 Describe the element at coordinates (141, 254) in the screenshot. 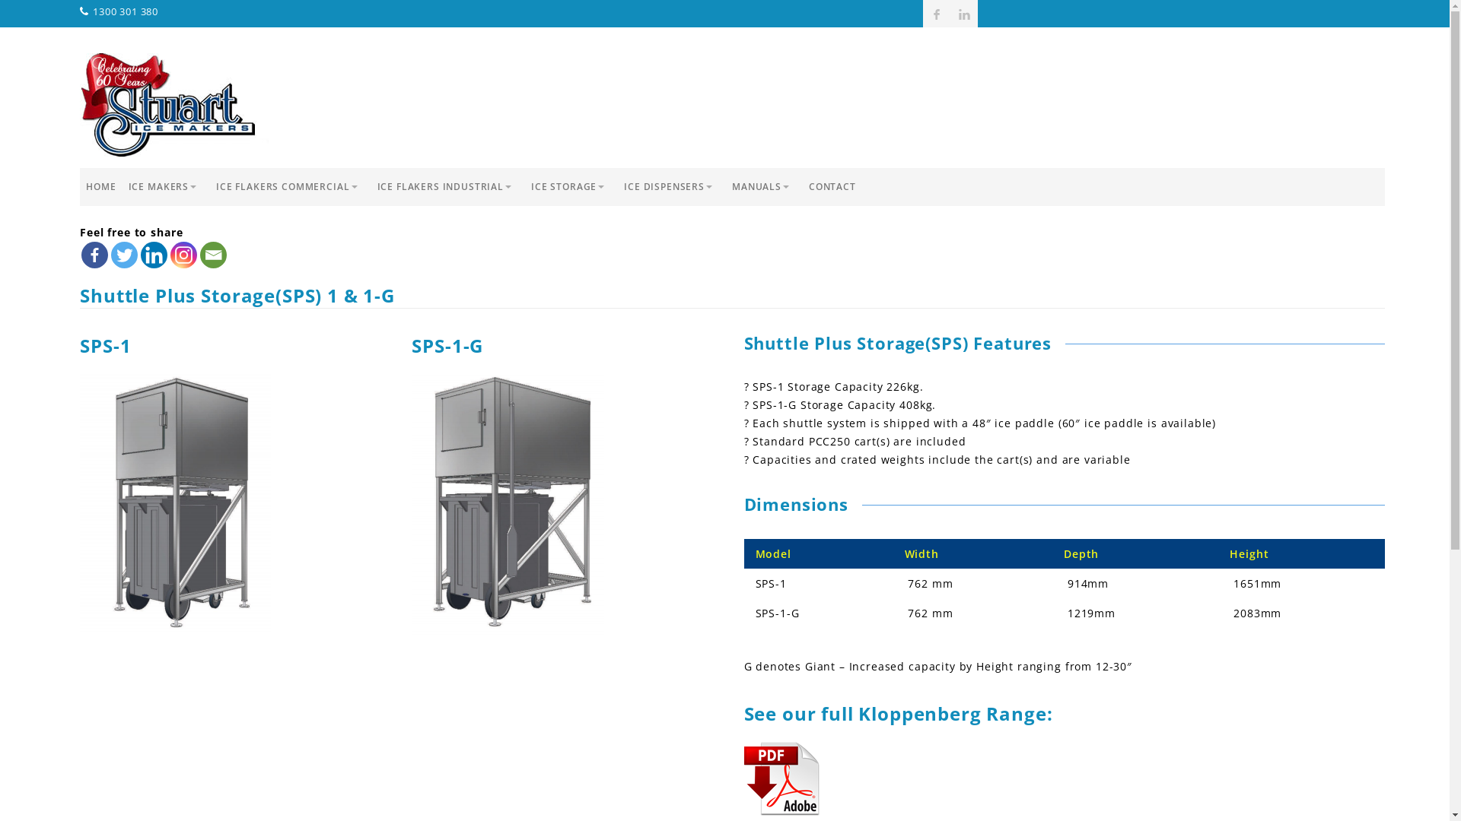

I see `'Linkedin'` at that location.